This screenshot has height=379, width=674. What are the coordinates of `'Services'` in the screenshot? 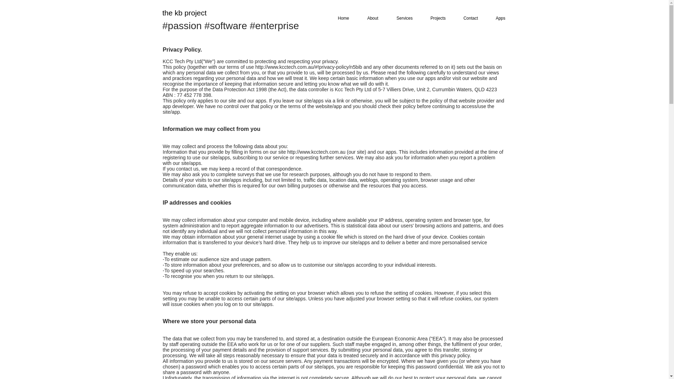 It's located at (401, 18).